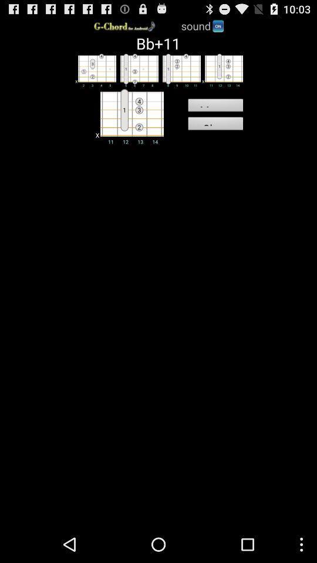 The height and width of the screenshot is (563, 317). Describe the element at coordinates (136, 70) in the screenshot. I see `image` at that location.